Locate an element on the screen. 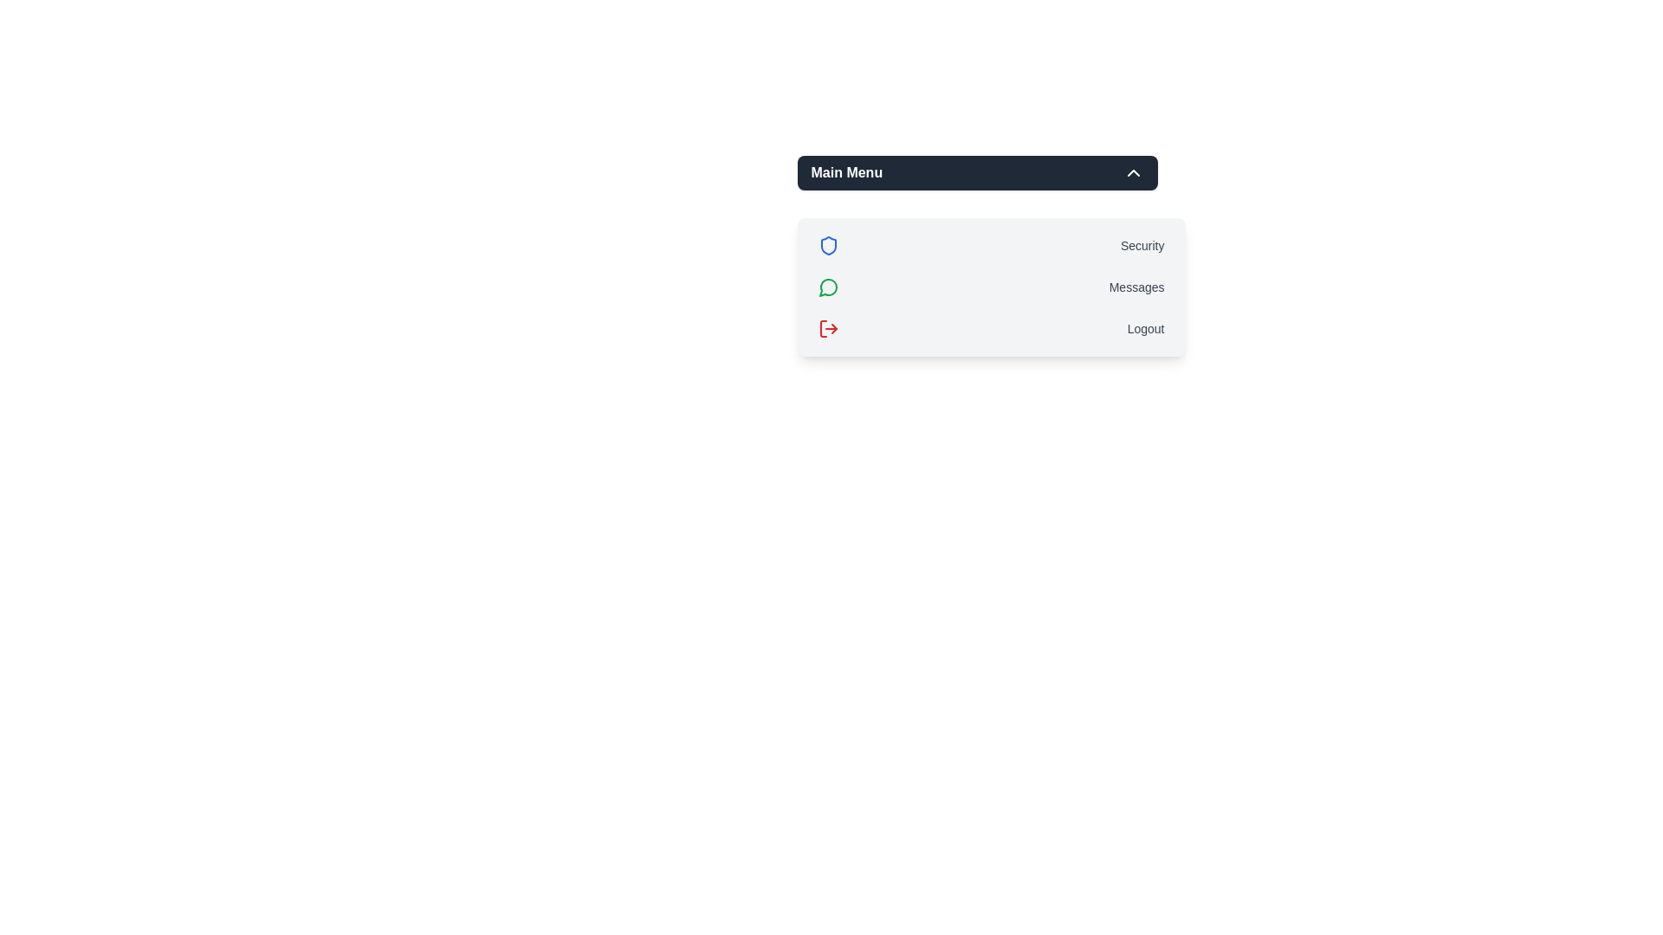 This screenshot has height=935, width=1663. the 'Security' option in the dropdown menu located below the 'Main Menu' button is located at coordinates (991, 246).